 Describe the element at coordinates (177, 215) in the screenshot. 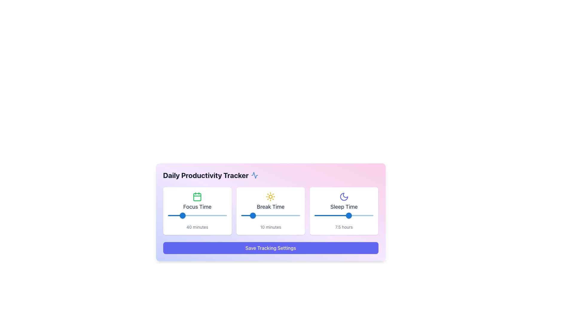

I see `the focus time` at that location.